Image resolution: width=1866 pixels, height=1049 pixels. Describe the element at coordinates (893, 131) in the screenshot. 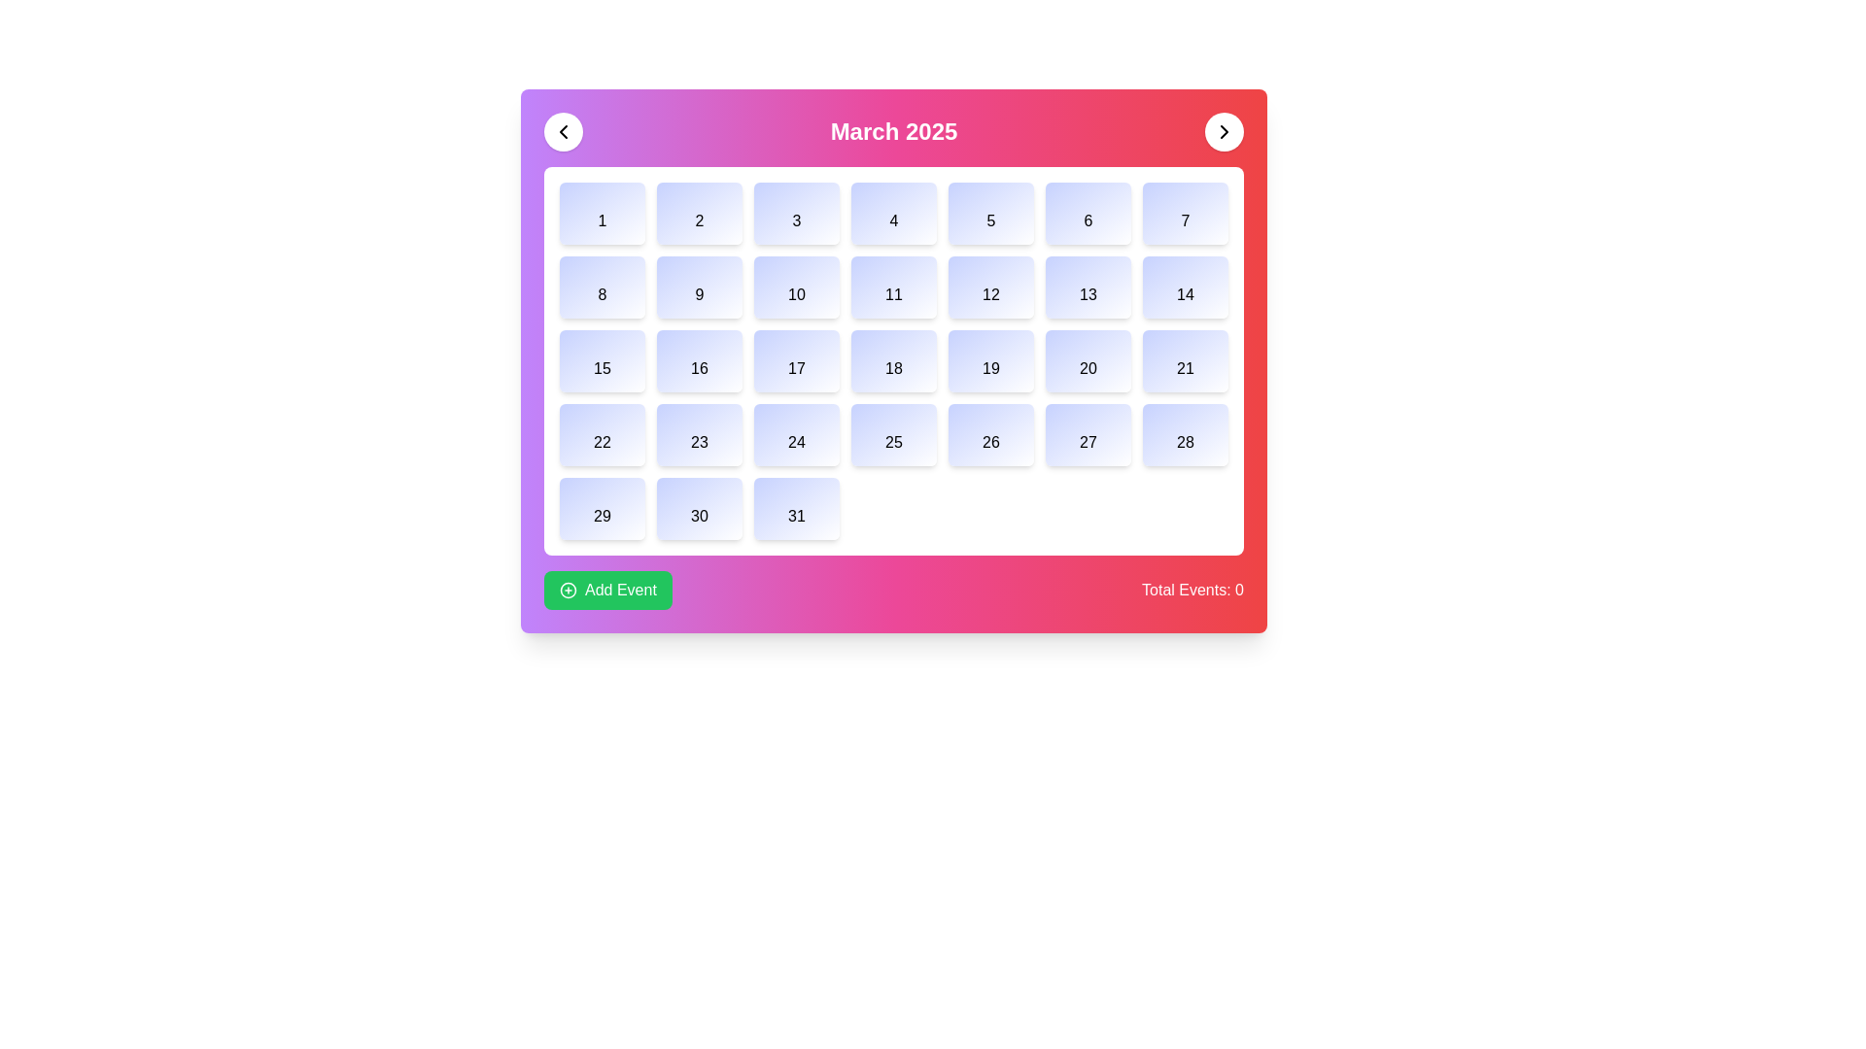

I see `the text label displaying 'March 2025', which is centrally located at the top of the calendar interface` at that location.